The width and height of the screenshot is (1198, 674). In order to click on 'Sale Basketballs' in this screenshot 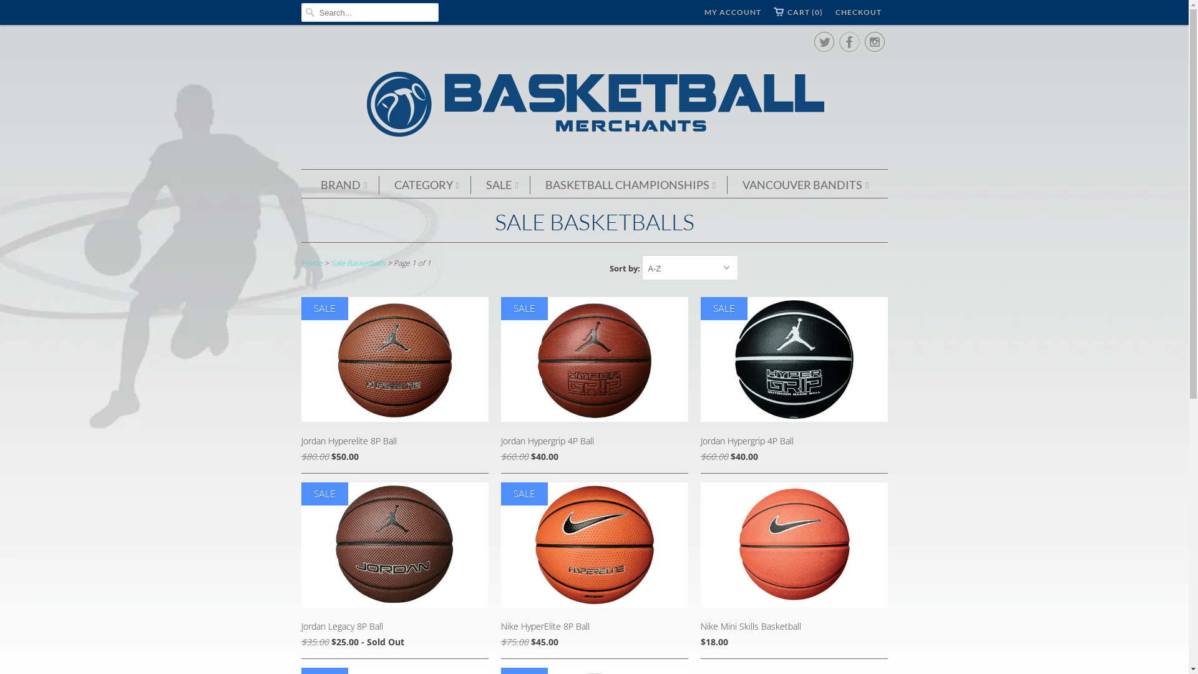, I will do `click(358, 262)`.